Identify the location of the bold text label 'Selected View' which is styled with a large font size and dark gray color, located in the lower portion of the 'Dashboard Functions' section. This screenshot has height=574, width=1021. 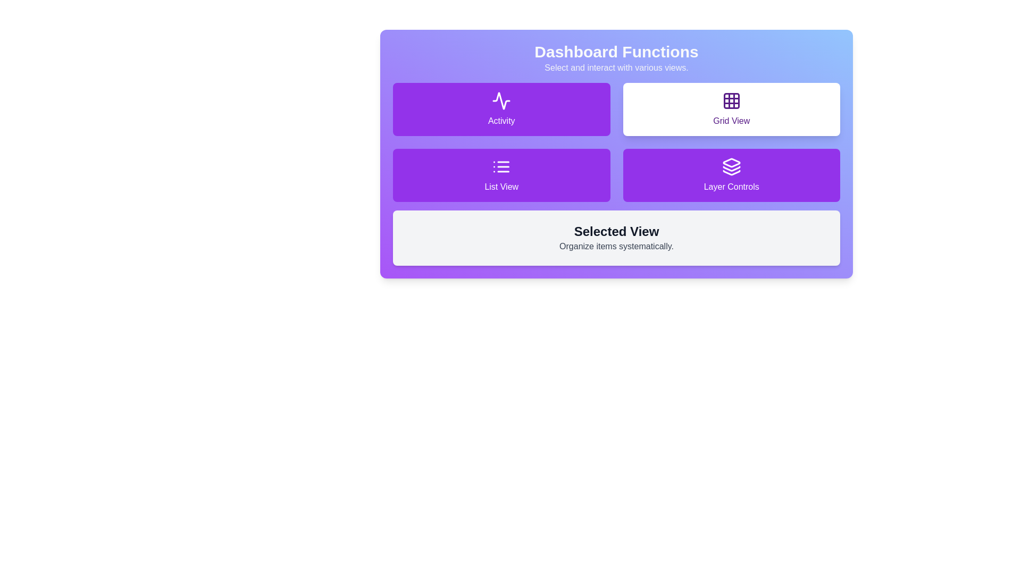
(616, 231).